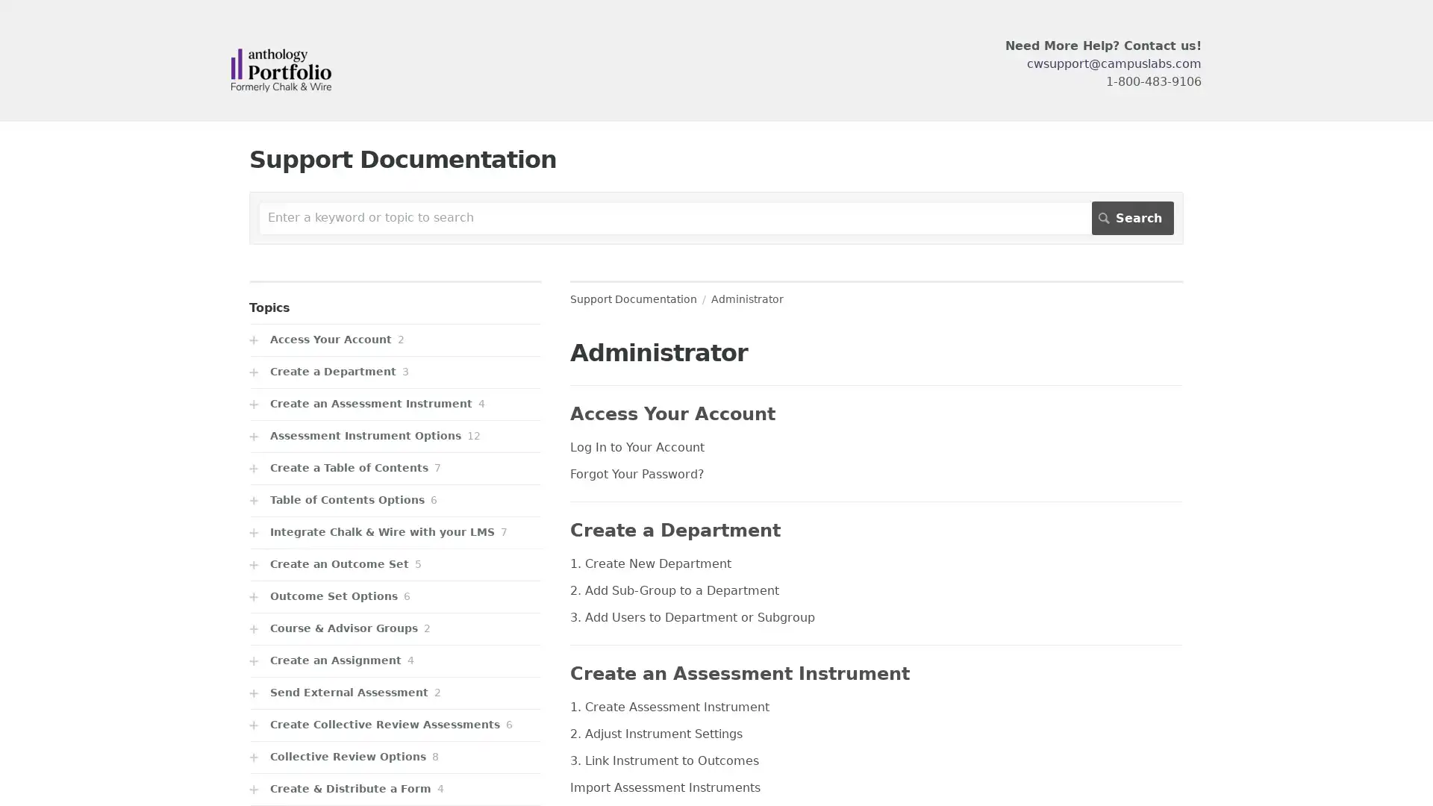 Image resolution: width=1433 pixels, height=806 pixels. I want to click on Create an Assessment Instrument 4, so click(395, 404).